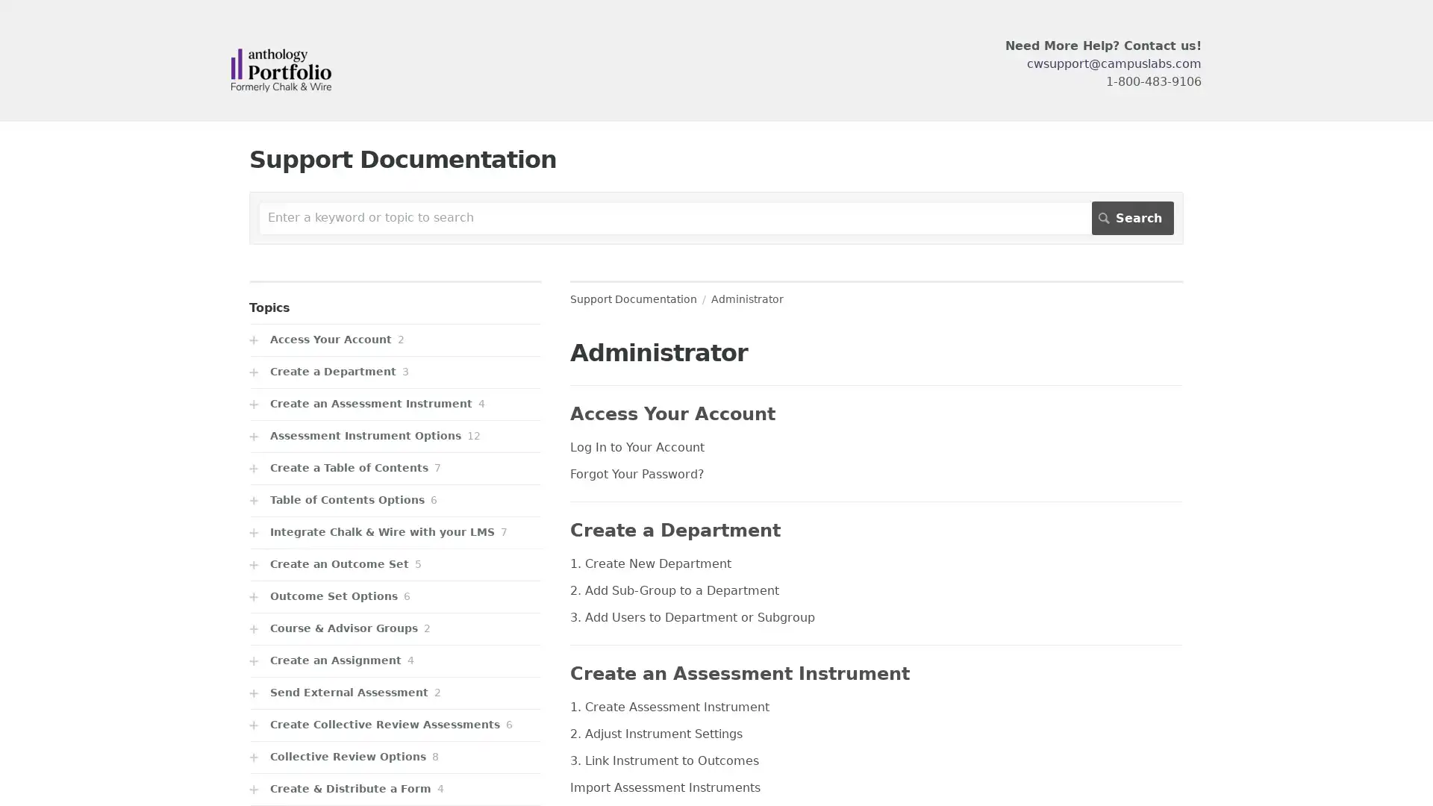 Image resolution: width=1433 pixels, height=806 pixels. I want to click on Create an Assessment Instrument 4, so click(395, 404).